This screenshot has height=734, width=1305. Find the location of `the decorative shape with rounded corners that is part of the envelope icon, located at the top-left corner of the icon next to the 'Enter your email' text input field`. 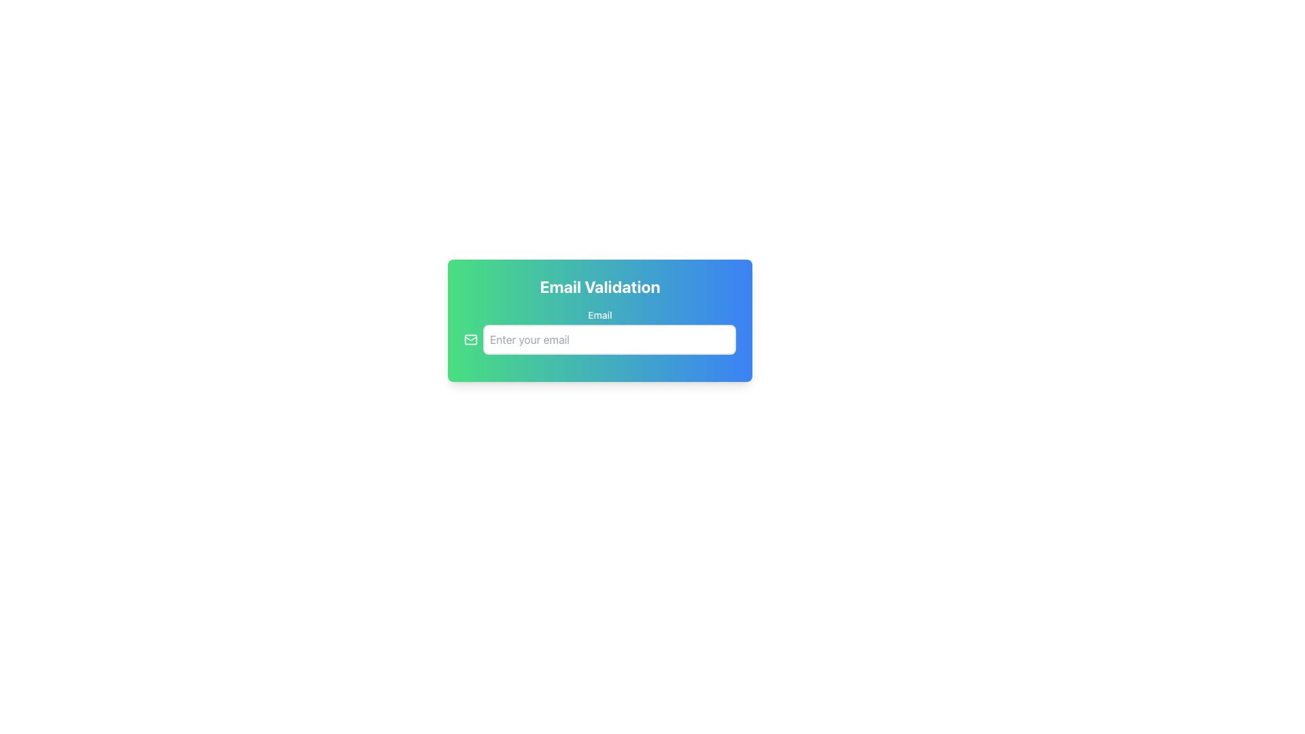

the decorative shape with rounded corners that is part of the envelope icon, located at the top-left corner of the icon next to the 'Enter your email' text input field is located at coordinates (470, 339).